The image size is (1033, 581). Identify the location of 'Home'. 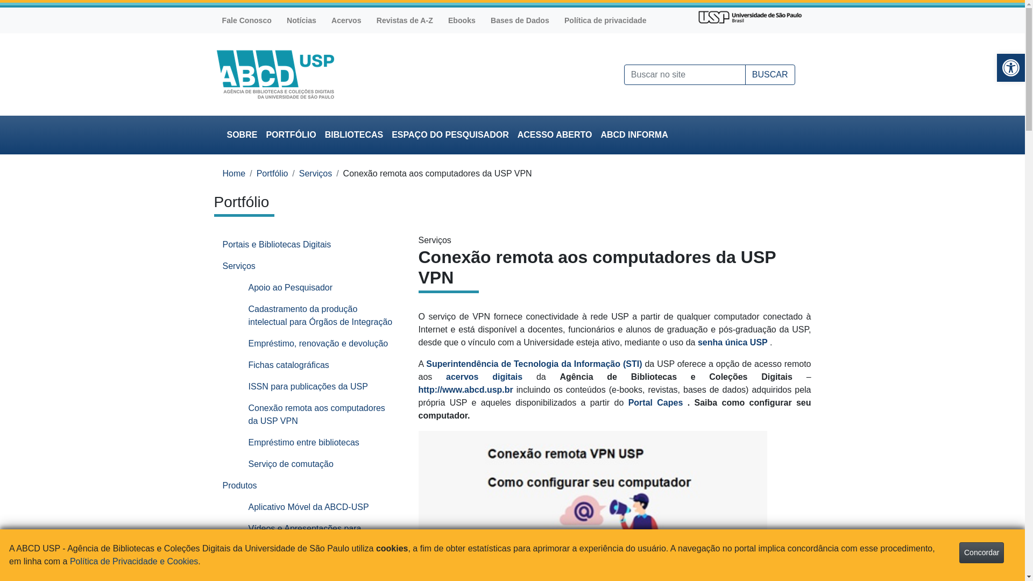
(234, 173).